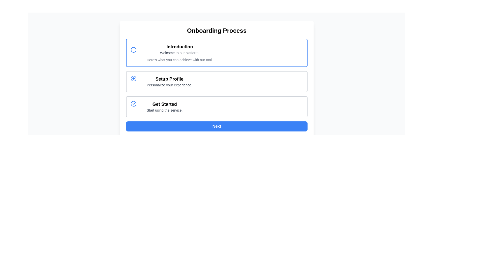 Image resolution: width=484 pixels, height=272 pixels. What do you see at coordinates (179, 53) in the screenshot?
I see `text information from the Text Block titled 'Introduction', which is the first item in a vertical list layout` at bounding box center [179, 53].